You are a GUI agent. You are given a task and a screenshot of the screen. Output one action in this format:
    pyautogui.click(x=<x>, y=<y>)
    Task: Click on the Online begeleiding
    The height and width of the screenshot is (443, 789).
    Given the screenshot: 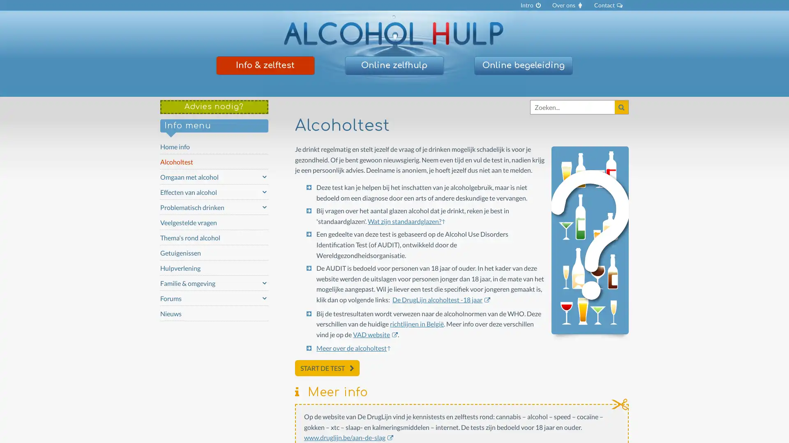 What is the action you would take?
    pyautogui.click(x=522, y=65)
    